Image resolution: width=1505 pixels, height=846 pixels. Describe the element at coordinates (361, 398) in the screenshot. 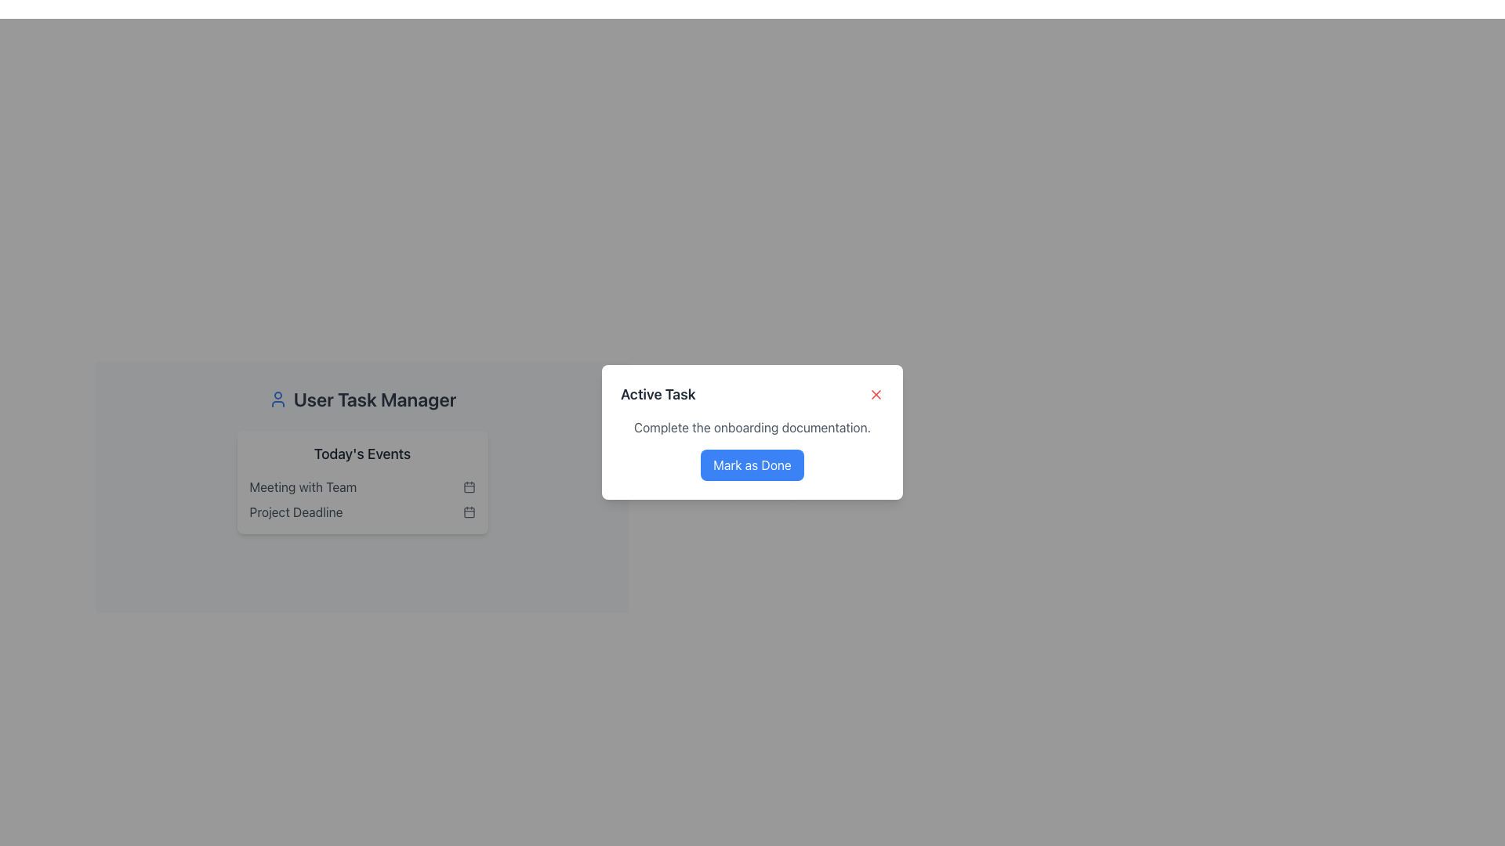

I see `text 'User Task Manager' from the heading with a blue user icon to the left, styled in bold gray font, located above 'Today's Events'` at that location.